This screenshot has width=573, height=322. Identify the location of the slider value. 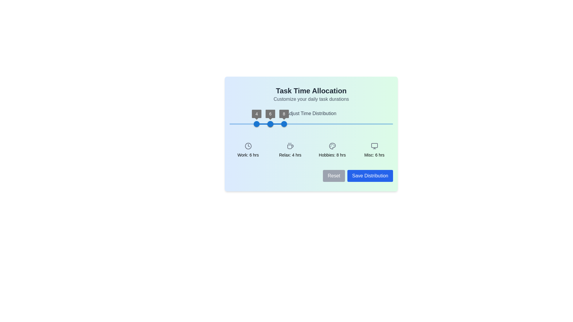
(330, 124).